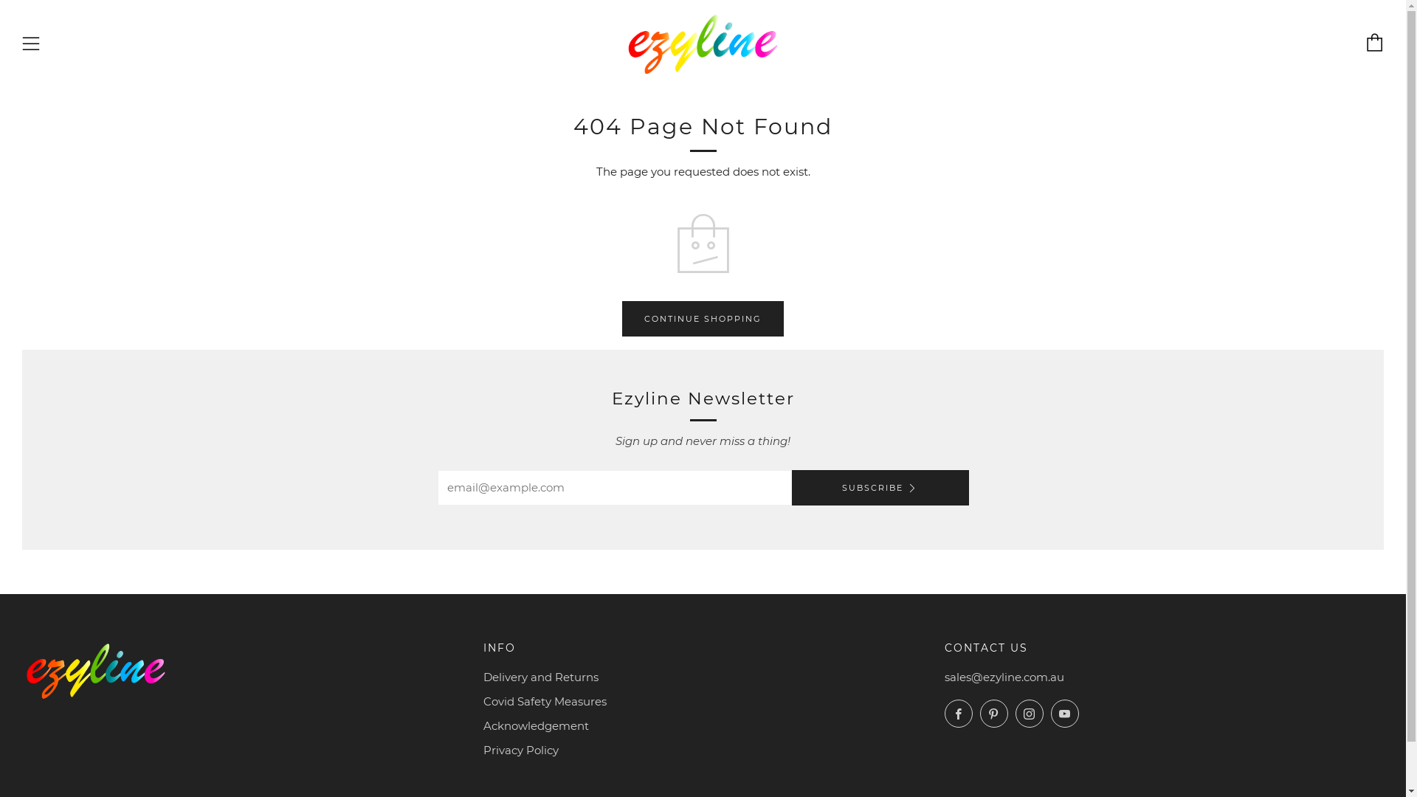 This screenshot has height=797, width=1417. I want to click on 'Delivery and Returns', so click(540, 677).